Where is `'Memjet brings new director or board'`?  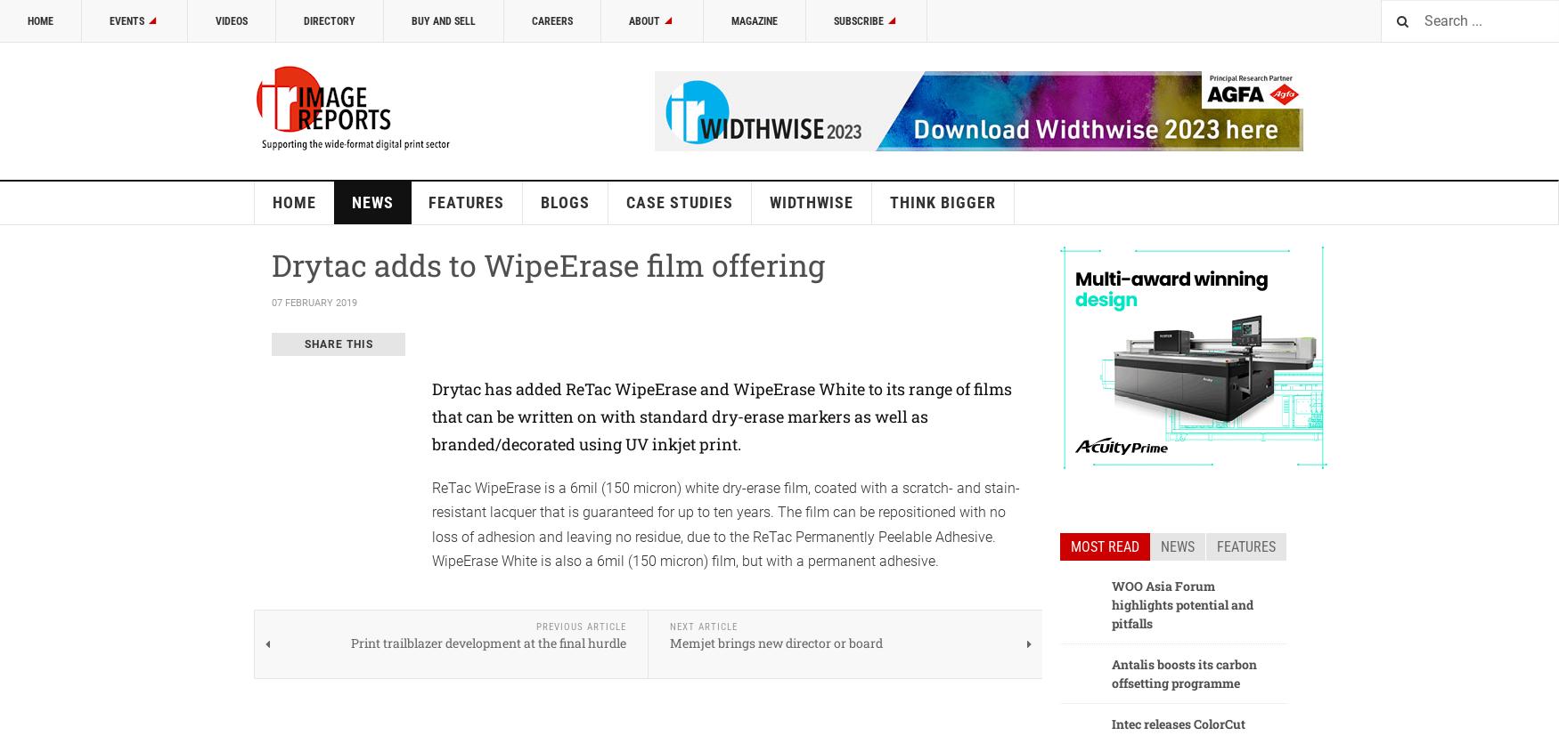 'Memjet brings new director or board' is located at coordinates (668, 642).